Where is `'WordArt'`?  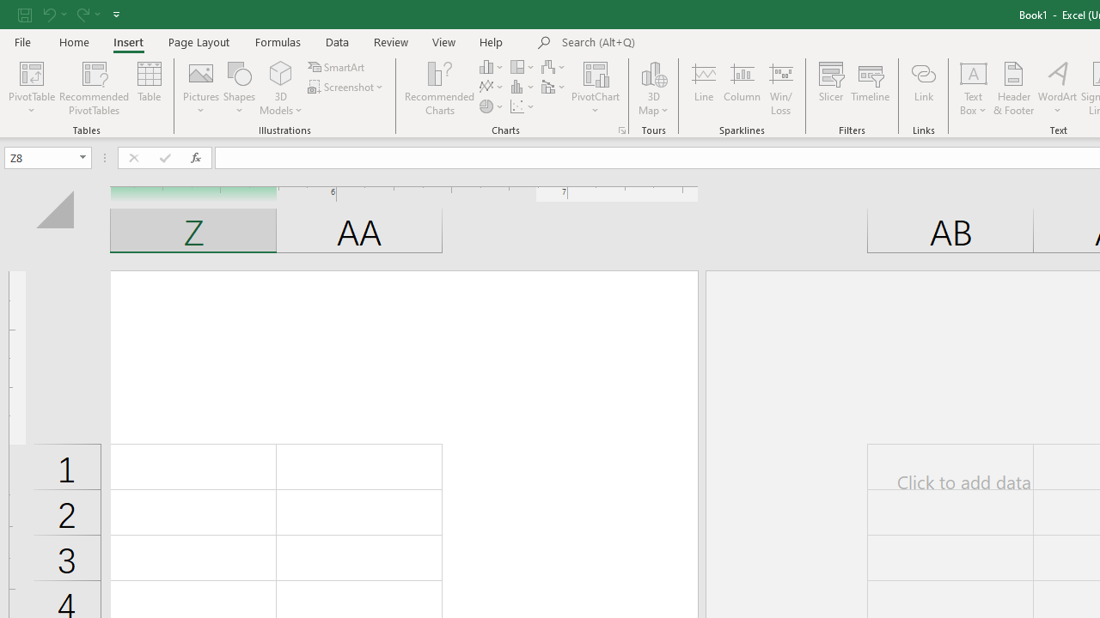
'WordArt' is located at coordinates (1056, 88).